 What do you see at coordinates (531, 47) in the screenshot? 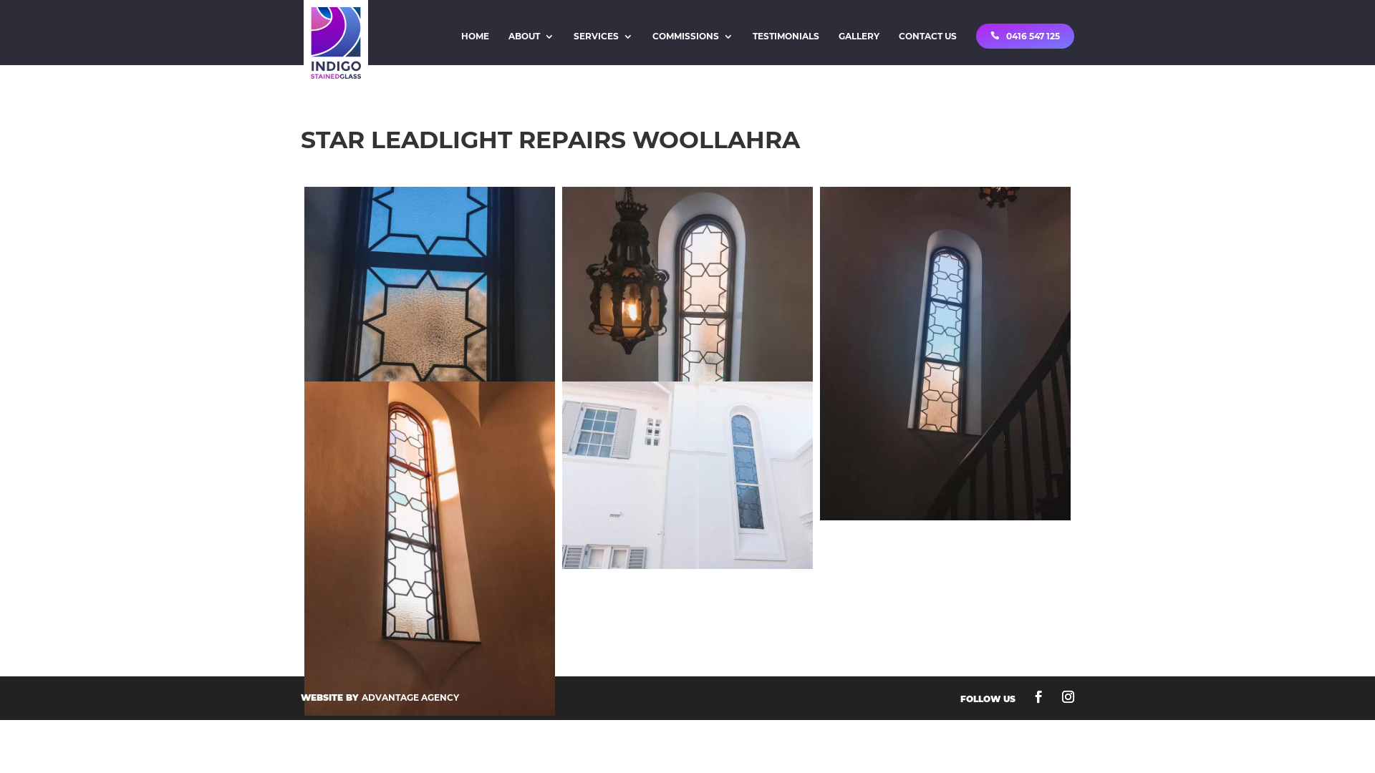
I see `'ABOUT'` at bounding box center [531, 47].